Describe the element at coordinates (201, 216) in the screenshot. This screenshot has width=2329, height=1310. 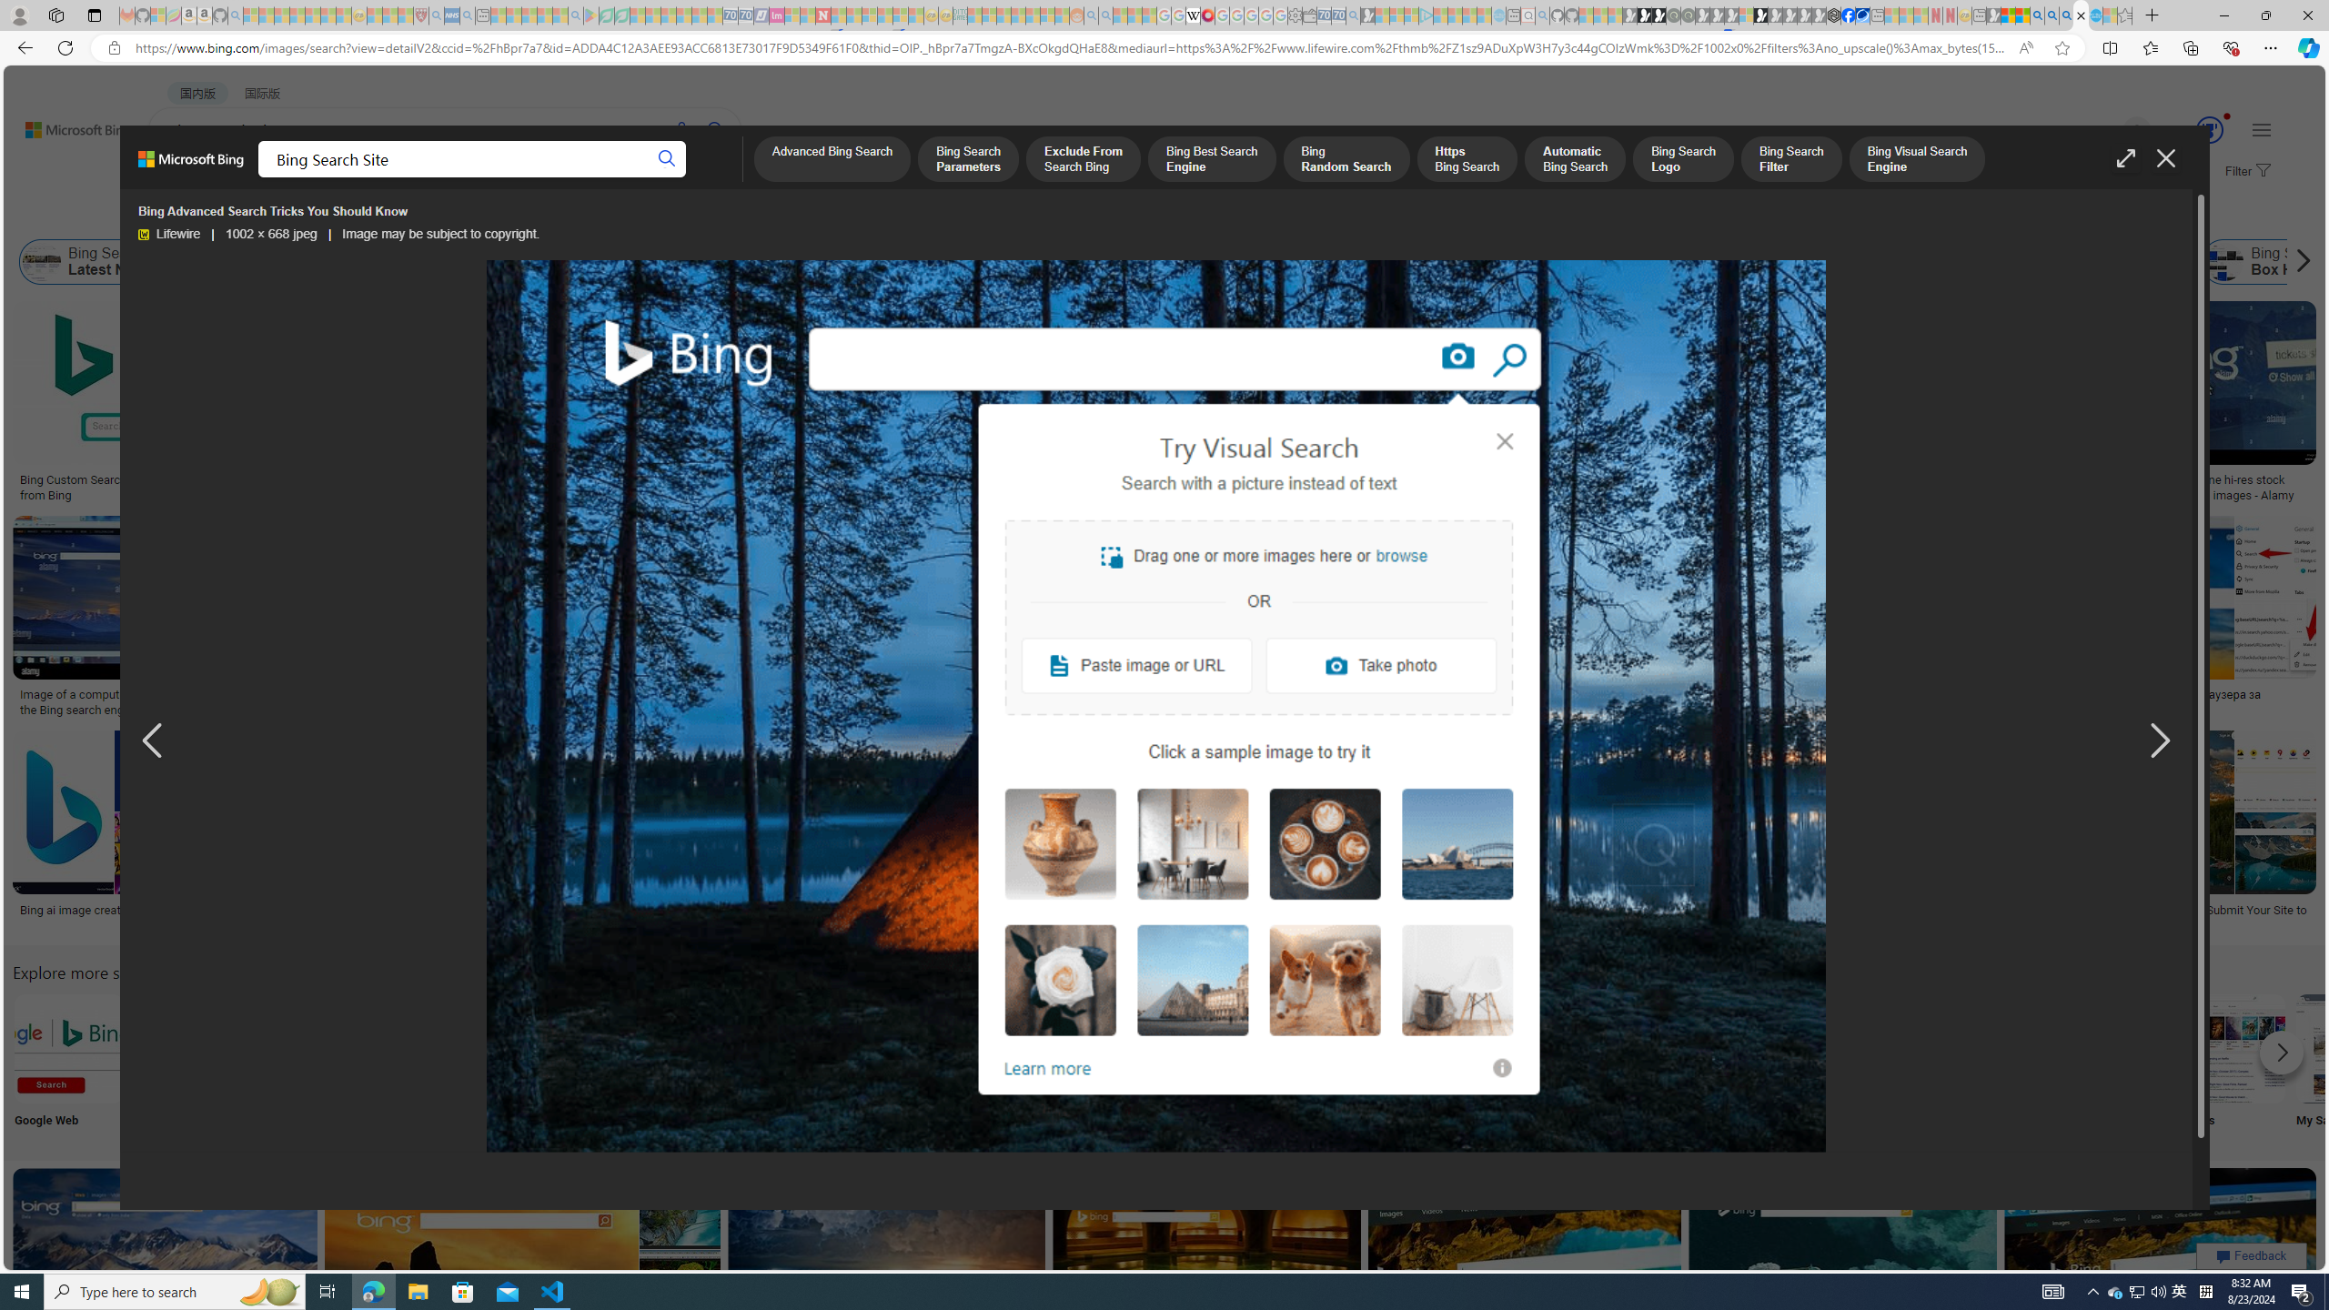
I see `'Image size'` at that location.